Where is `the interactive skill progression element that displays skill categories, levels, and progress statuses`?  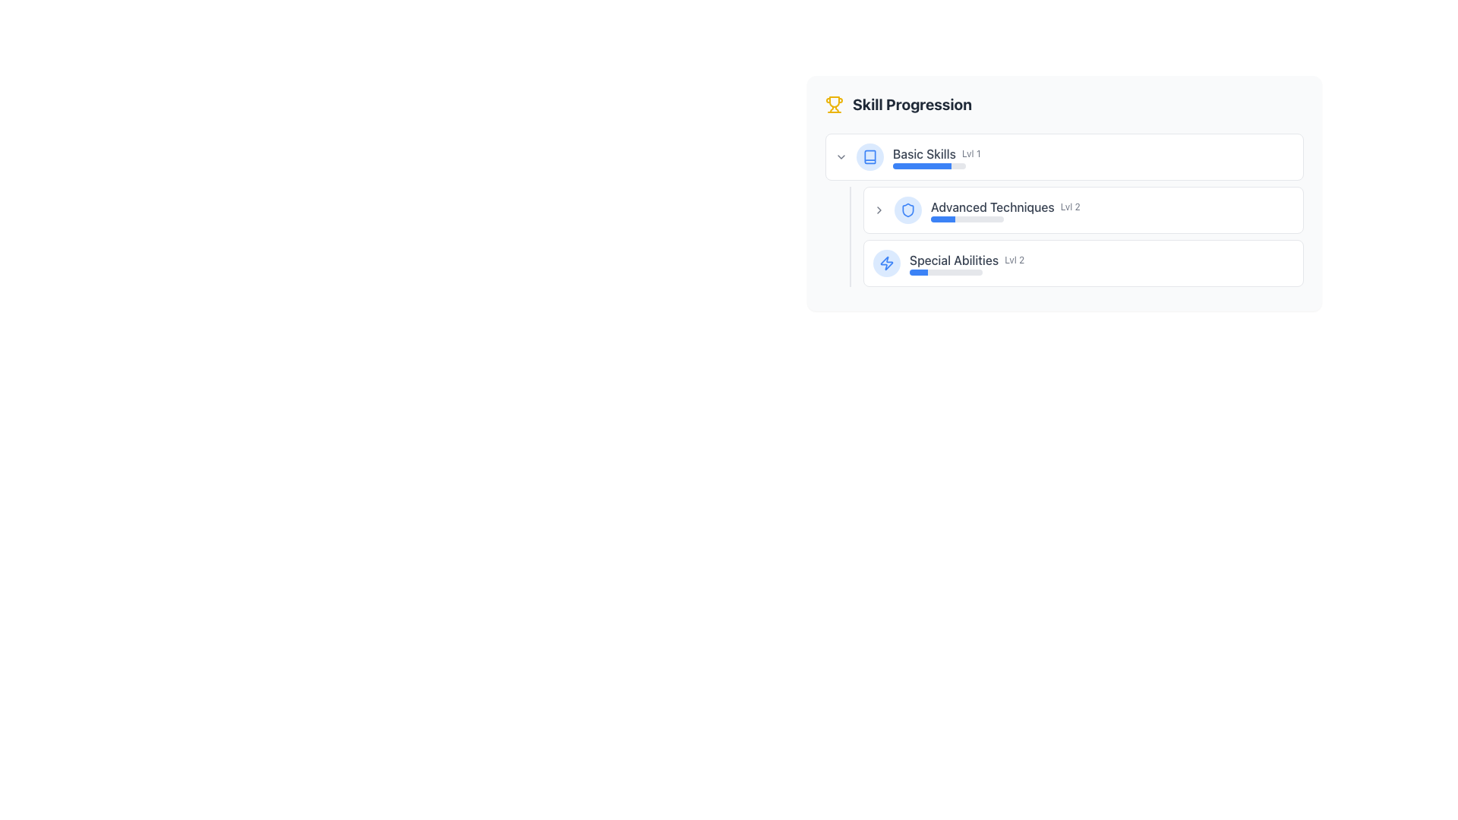 the interactive skill progression element that displays skill categories, levels, and progress statuses is located at coordinates (1063, 192).